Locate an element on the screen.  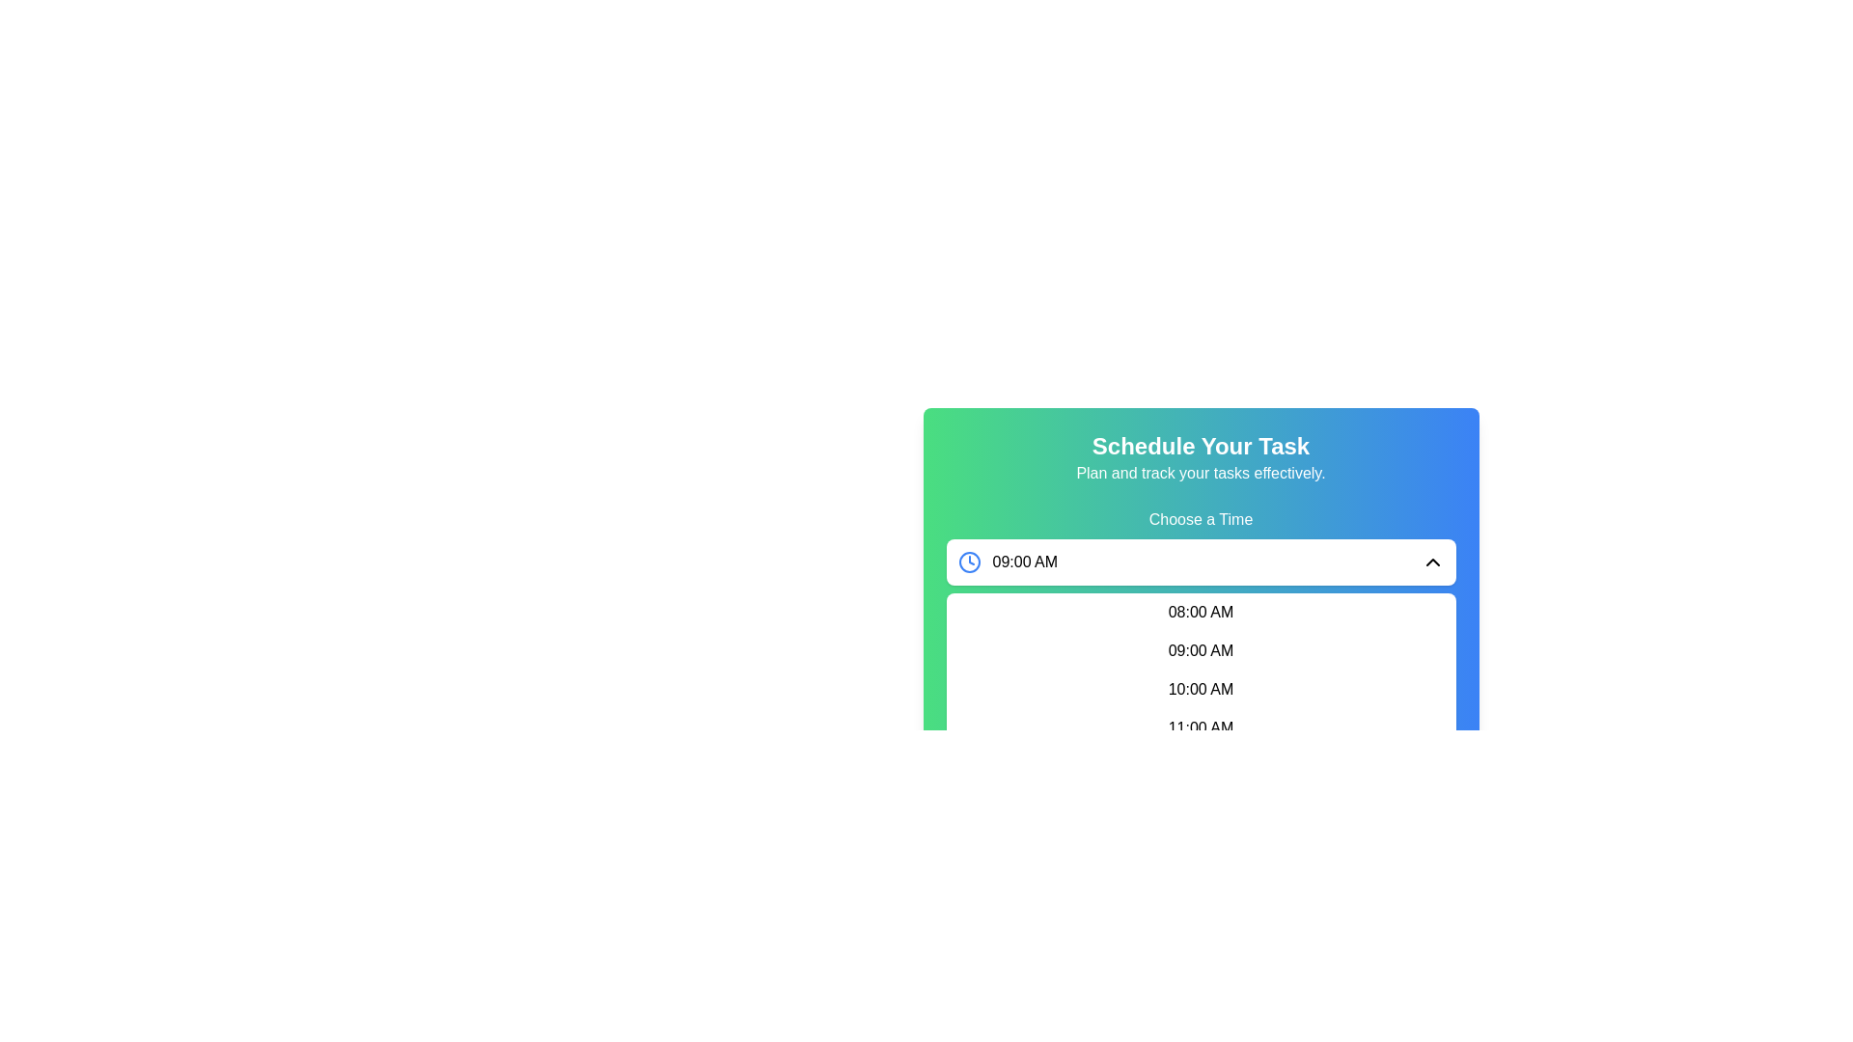
the fourth item in the vertical list of time-related options is located at coordinates (1200, 728).